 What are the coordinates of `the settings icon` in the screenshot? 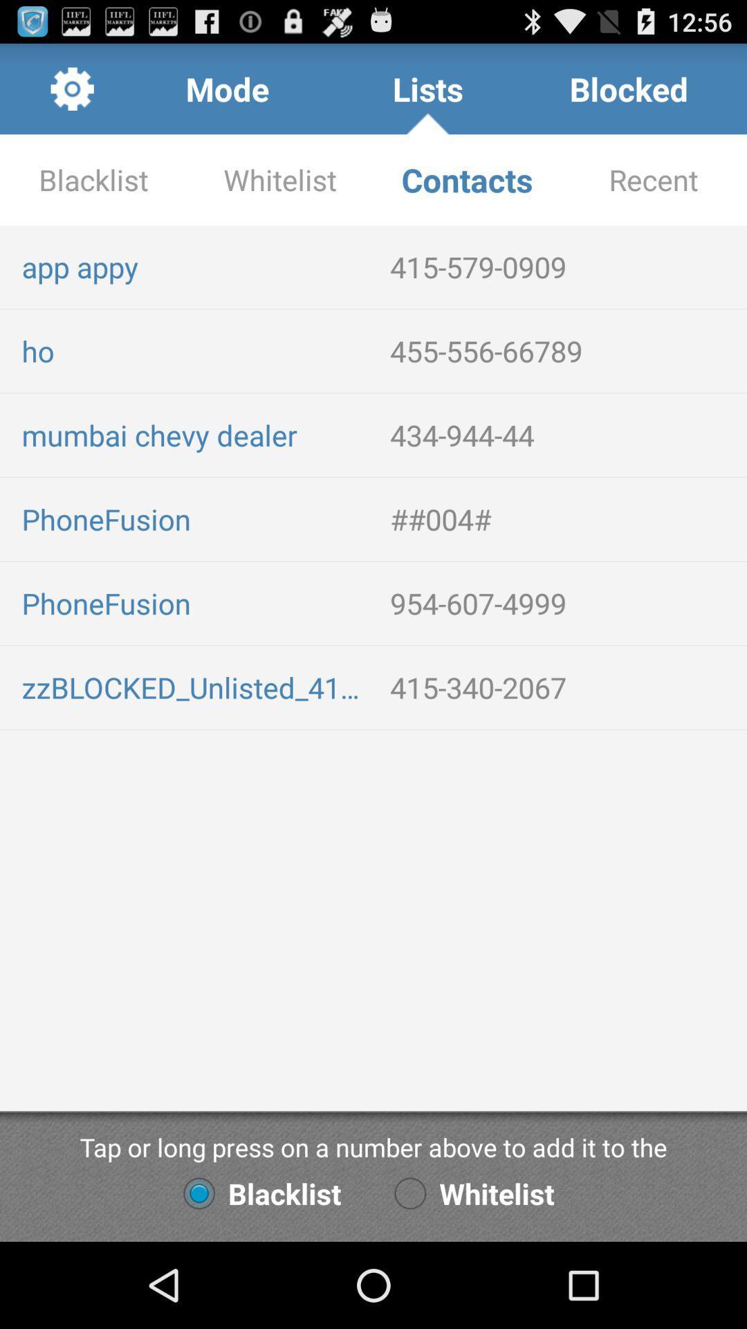 It's located at (72, 94).